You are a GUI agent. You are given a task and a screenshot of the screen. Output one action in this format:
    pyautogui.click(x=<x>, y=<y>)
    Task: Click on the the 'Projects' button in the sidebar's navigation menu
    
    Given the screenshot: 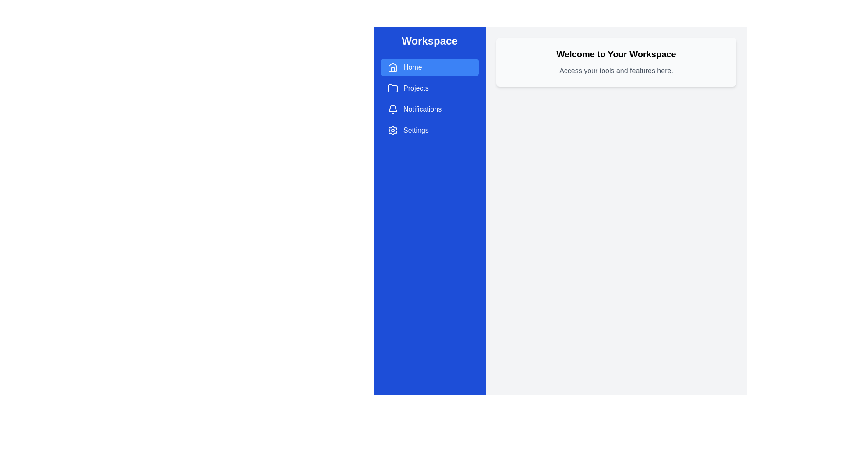 What is the action you would take?
    pyautogui.click(x=392, y=88)
    